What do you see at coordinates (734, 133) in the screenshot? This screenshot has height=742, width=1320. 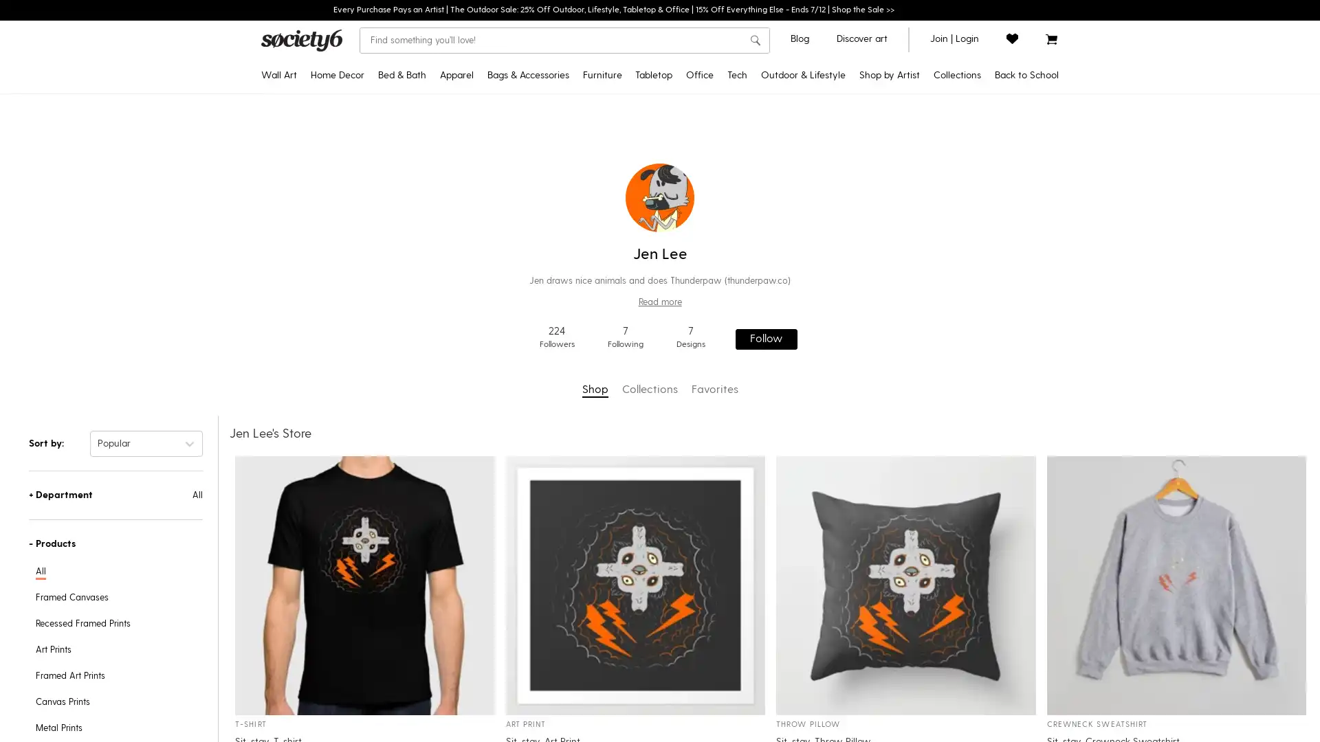 I see `Stickers` at bounding box center [734, 133].